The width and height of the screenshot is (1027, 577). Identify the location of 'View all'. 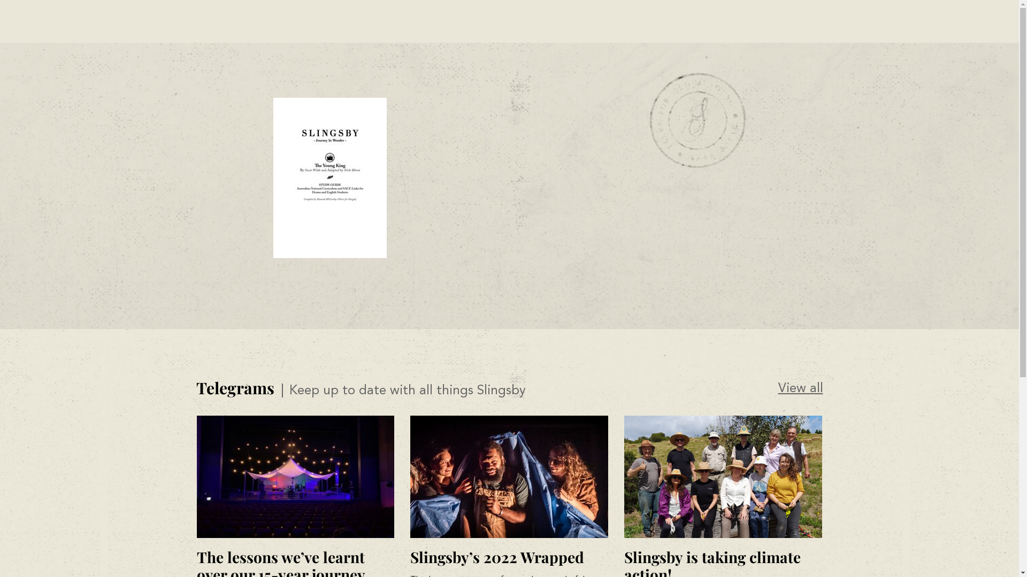
(800, 389).